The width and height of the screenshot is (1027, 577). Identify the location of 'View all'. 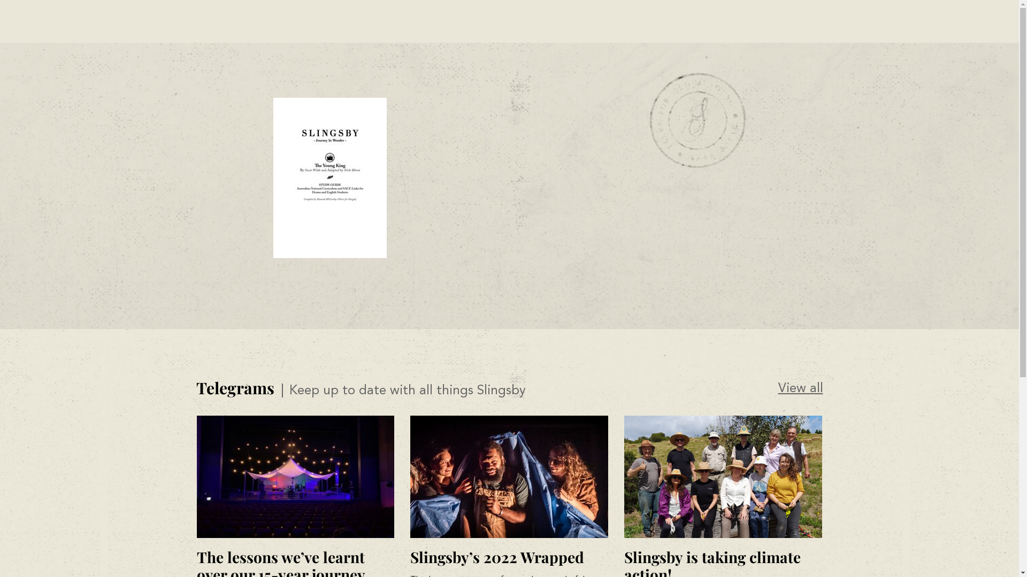
(800, 389).